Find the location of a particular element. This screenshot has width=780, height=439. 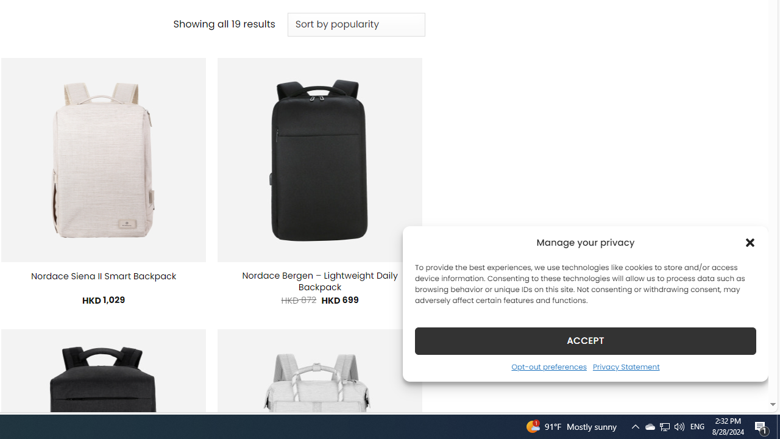

'Opt-out preferences' is located at coordinates (548, 366).